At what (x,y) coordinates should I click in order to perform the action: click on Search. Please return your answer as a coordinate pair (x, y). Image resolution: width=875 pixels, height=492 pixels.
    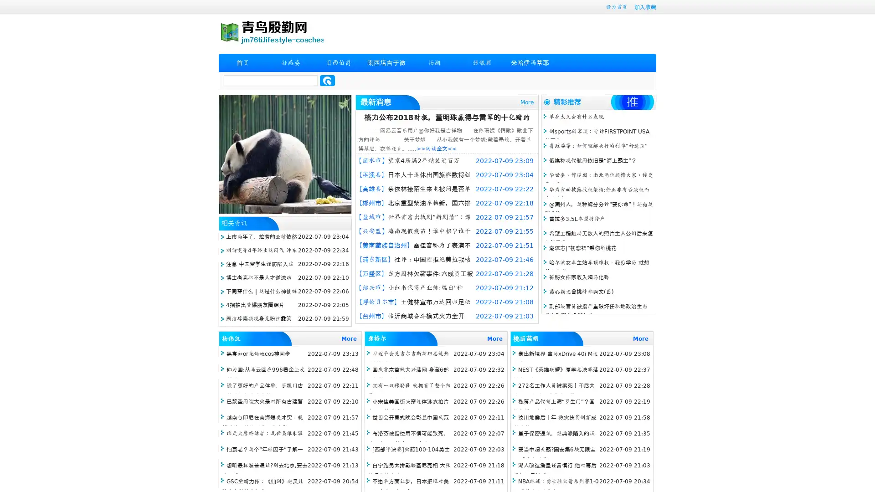
    Looking at the image, I should click on (327, 80).